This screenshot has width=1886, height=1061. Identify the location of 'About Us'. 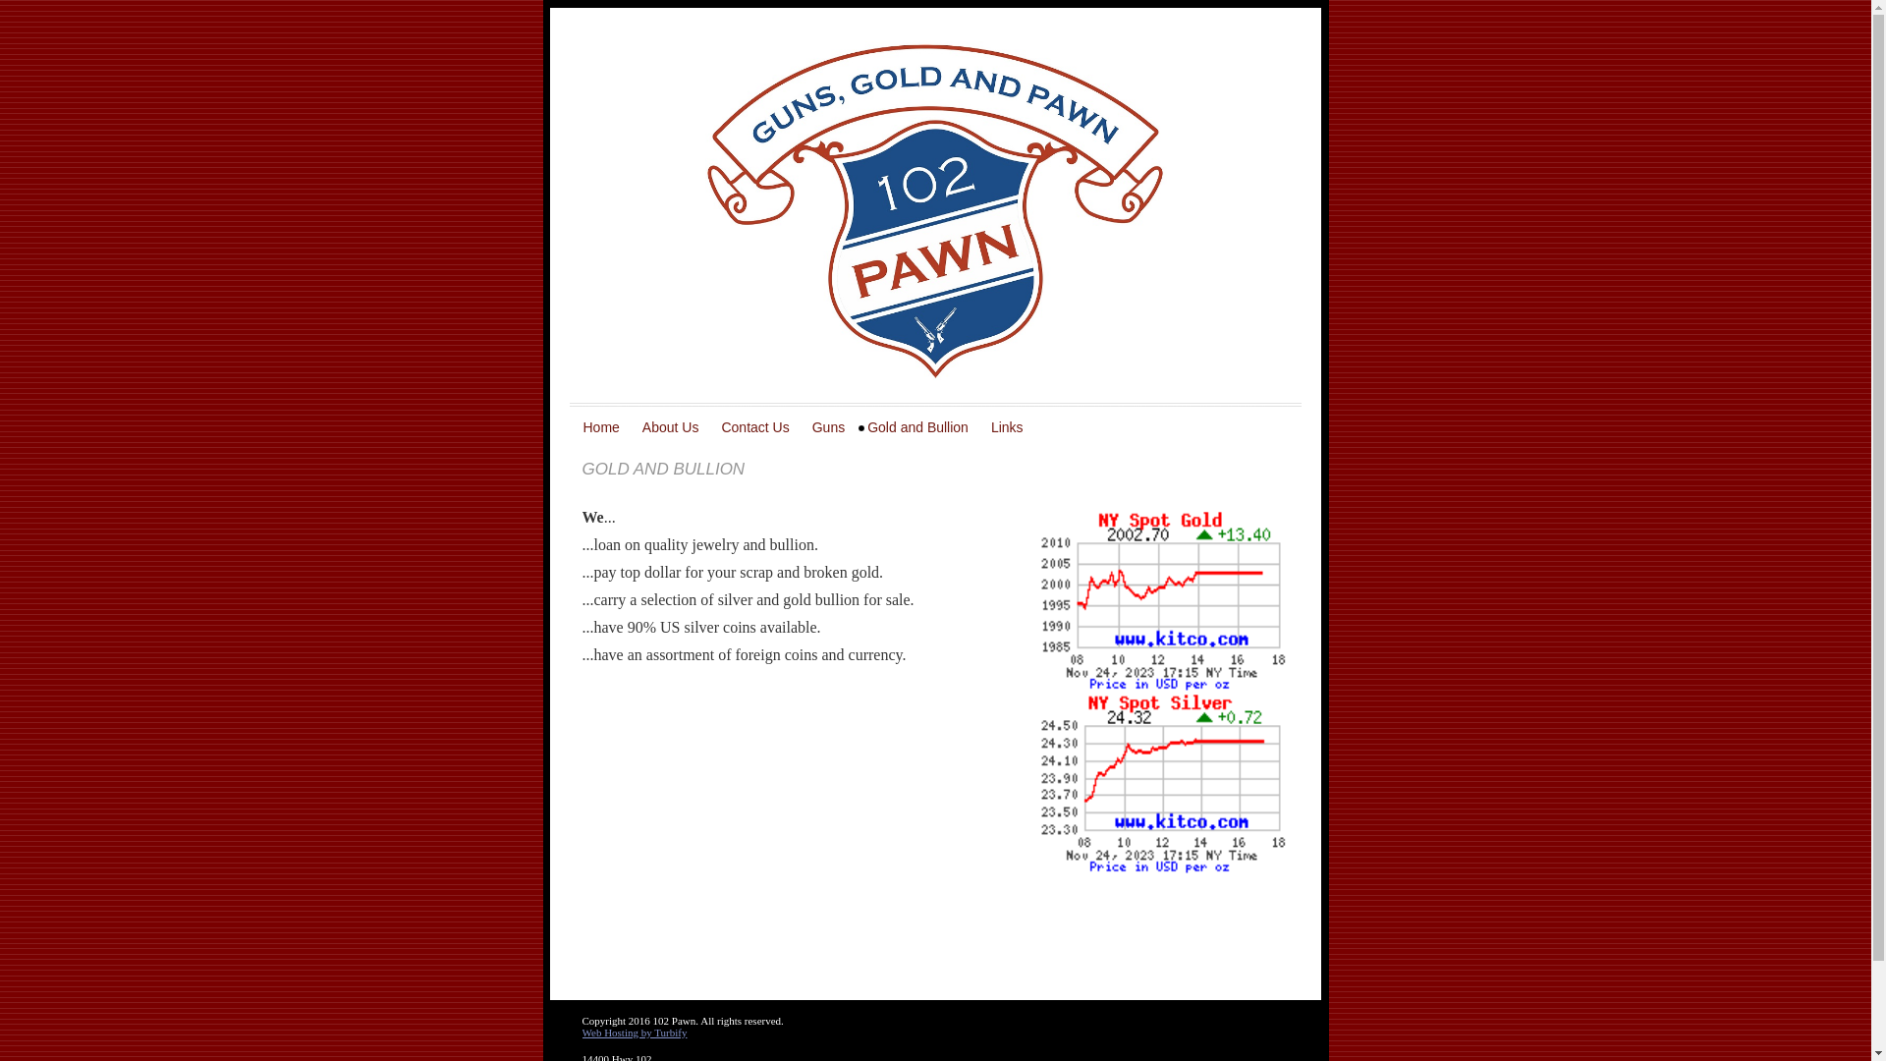
(633, 426).